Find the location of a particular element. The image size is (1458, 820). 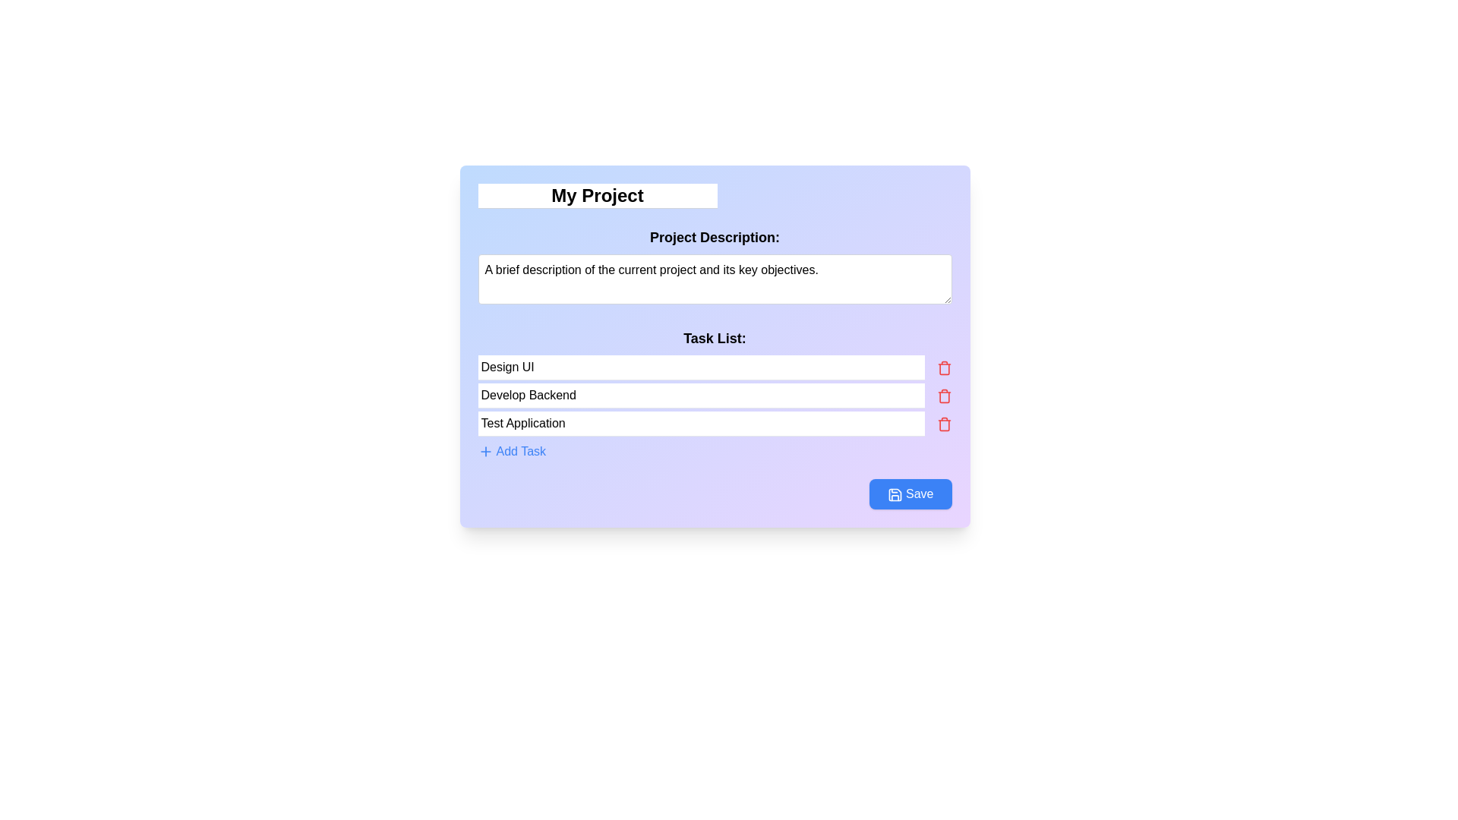

the text label reading 'Task List:' which is styled in bold and larger font, located centrally above the task list is located at coordinates (714, 338).